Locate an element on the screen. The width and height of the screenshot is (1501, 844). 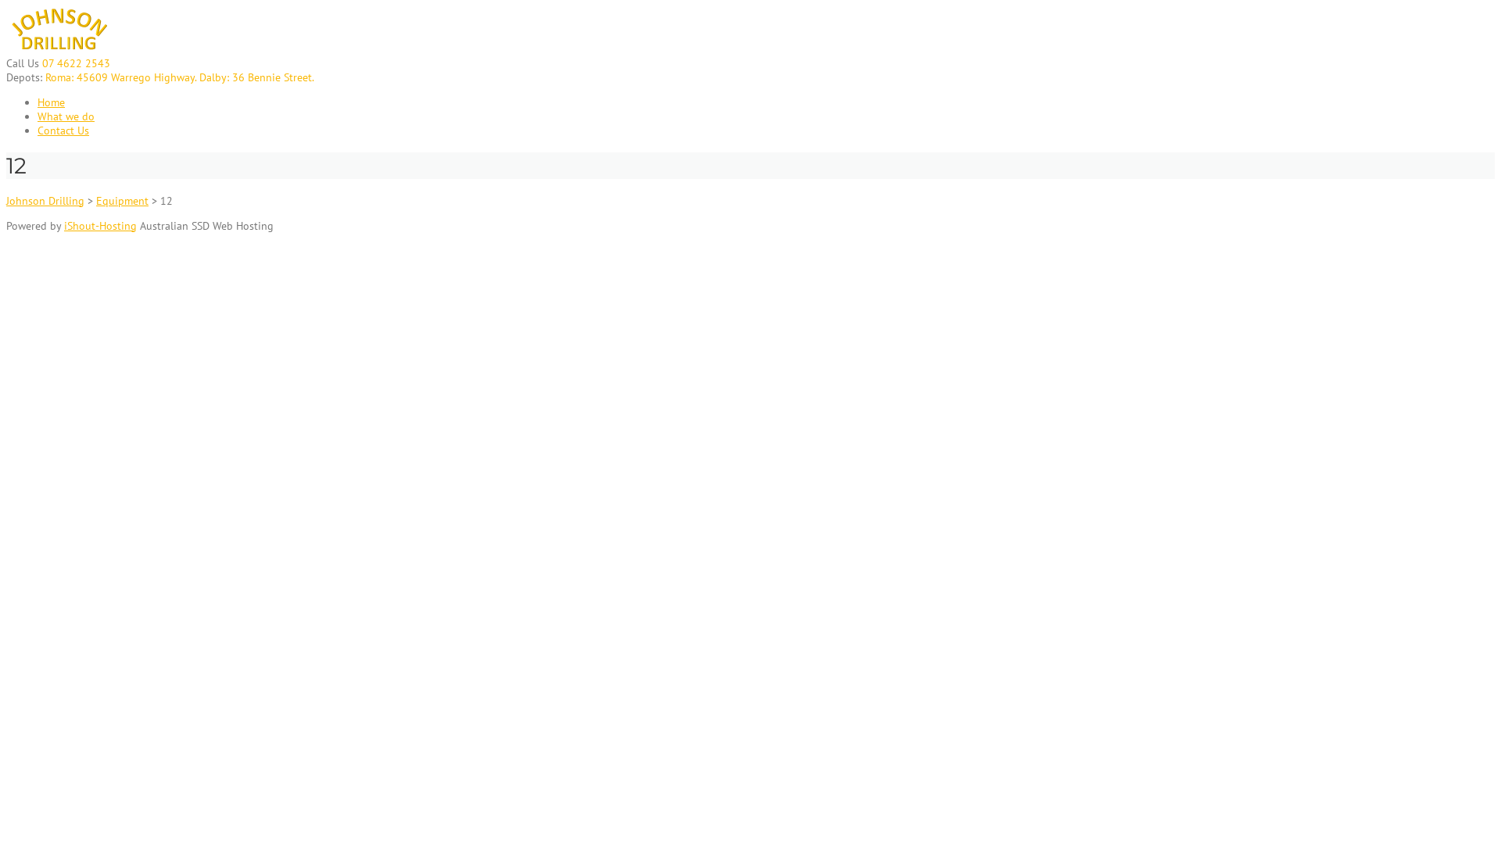
'Johnson Drilling' is located at coordinates (6, 200).